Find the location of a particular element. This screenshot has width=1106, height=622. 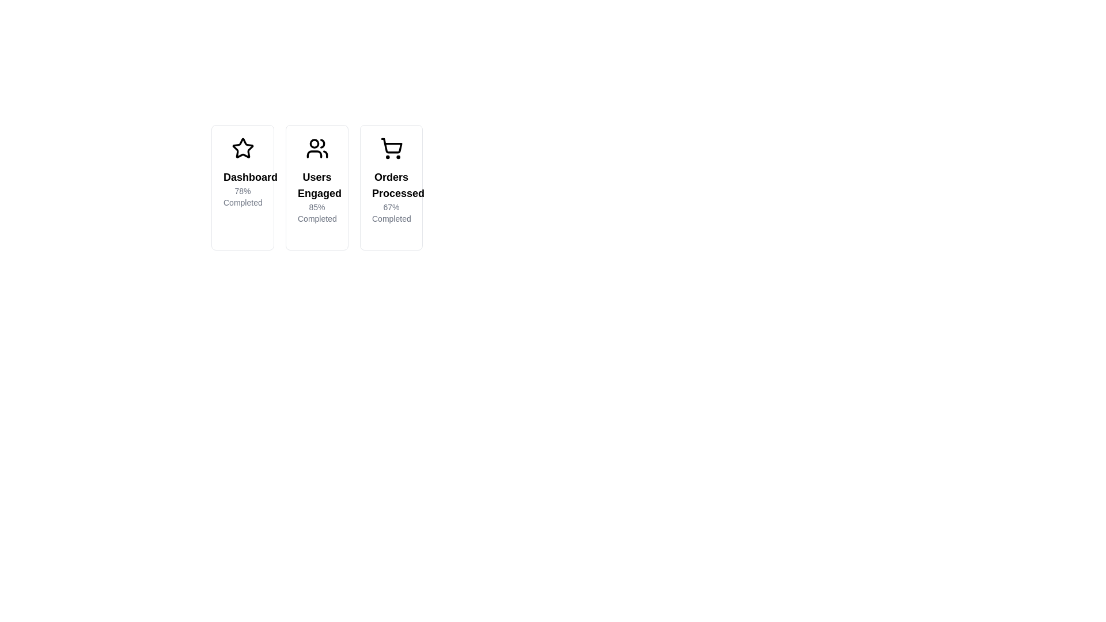

displayed information from the Information Card that shows user engagement statistics, located in the center of the grid between the 'Dashboard' and 'Orders Processed' cards is located at coordinates (317, 187).